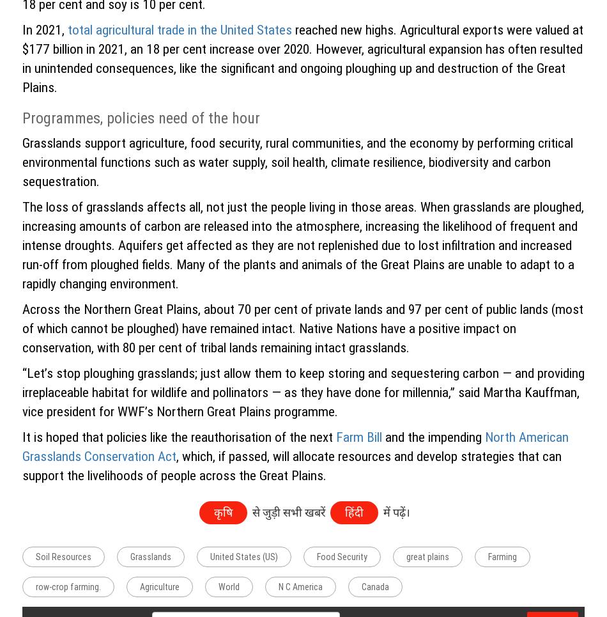  I want to click on '“Let’s stop ploughing grasslands; just allow them to keep storing and sequestering carbon — and providing irreplaceable habitat for wildlife and pollinators — as they have done for millennia,” said Martha Kauffman, vice president for WWF’s Northern Great Plains programme.', so click(22, 391).